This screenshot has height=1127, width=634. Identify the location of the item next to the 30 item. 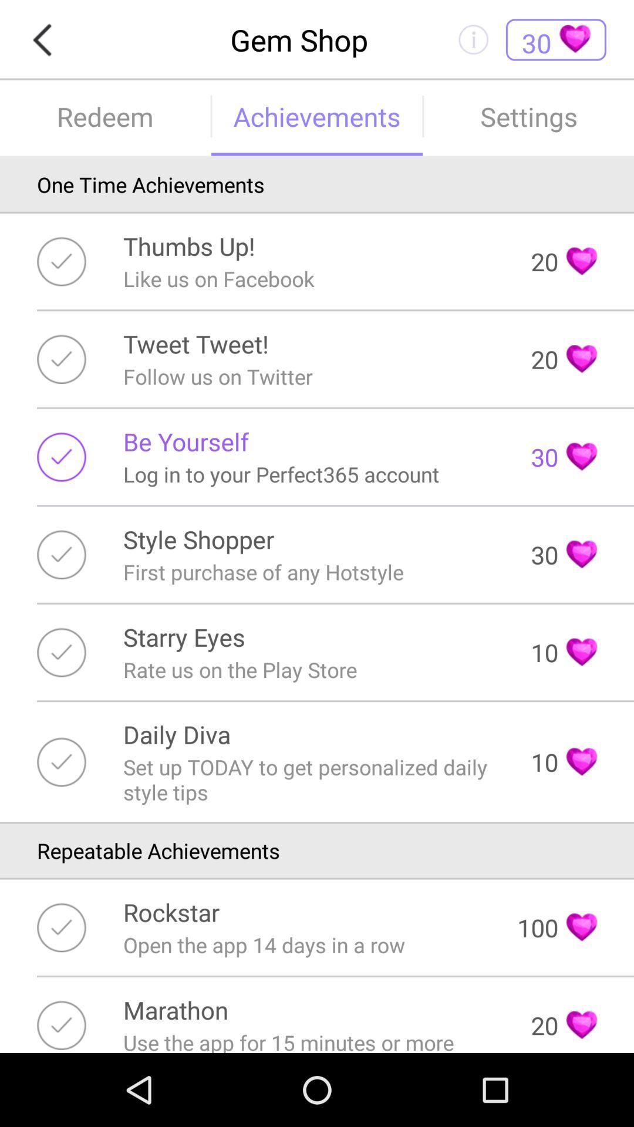
(262, 572).